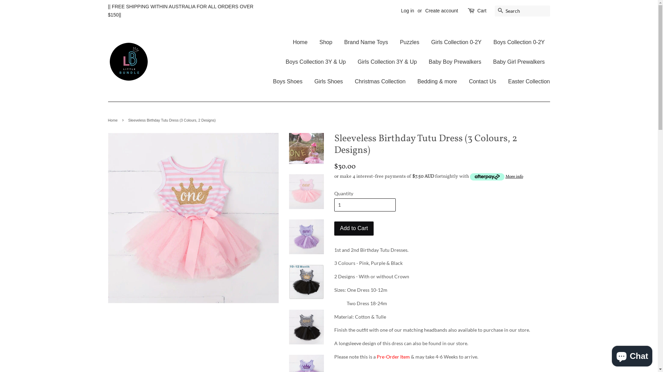 This screenshot has height=372, width=663. Describe the element at coordinates (288, 81) in the screenshot. I see `'Boys Shoes'` at that location.